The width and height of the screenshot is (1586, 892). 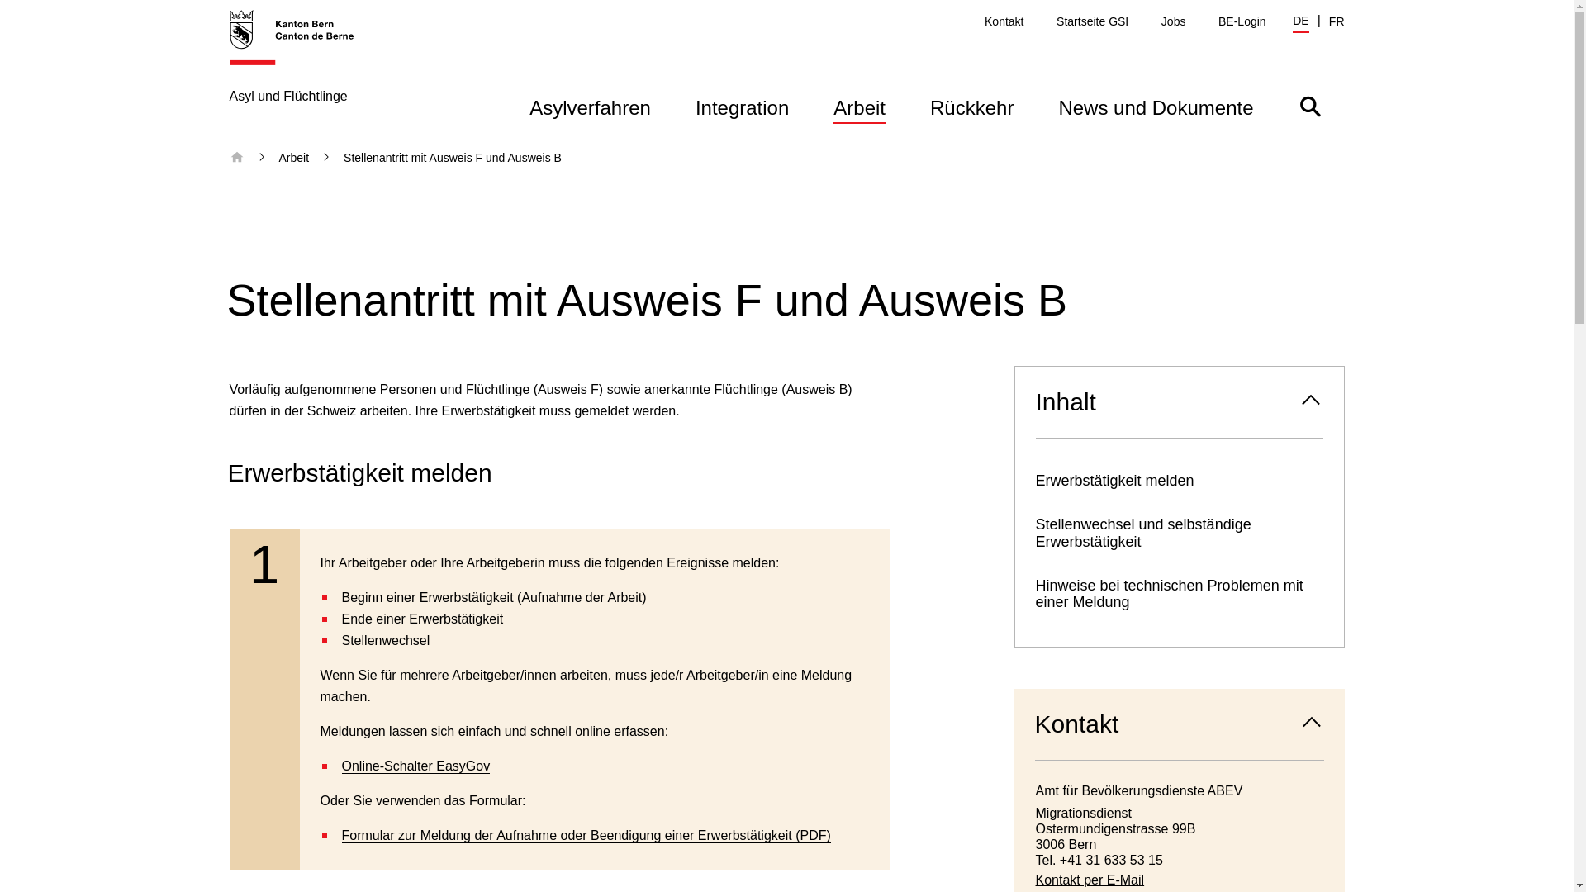 I want to click on 'Tel. +41 31 633 53 15', so click(x=1178, y=859).